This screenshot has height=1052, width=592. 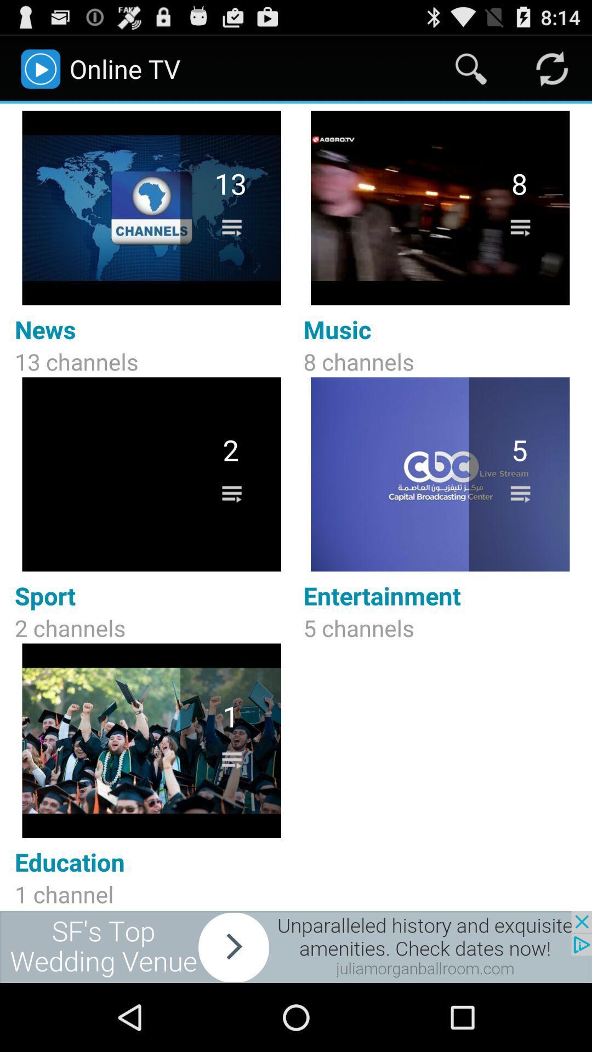 What do you see at coordinates (296, 946) in the screenshot?
I see `sponsored content` at bounding box center [296, 946].